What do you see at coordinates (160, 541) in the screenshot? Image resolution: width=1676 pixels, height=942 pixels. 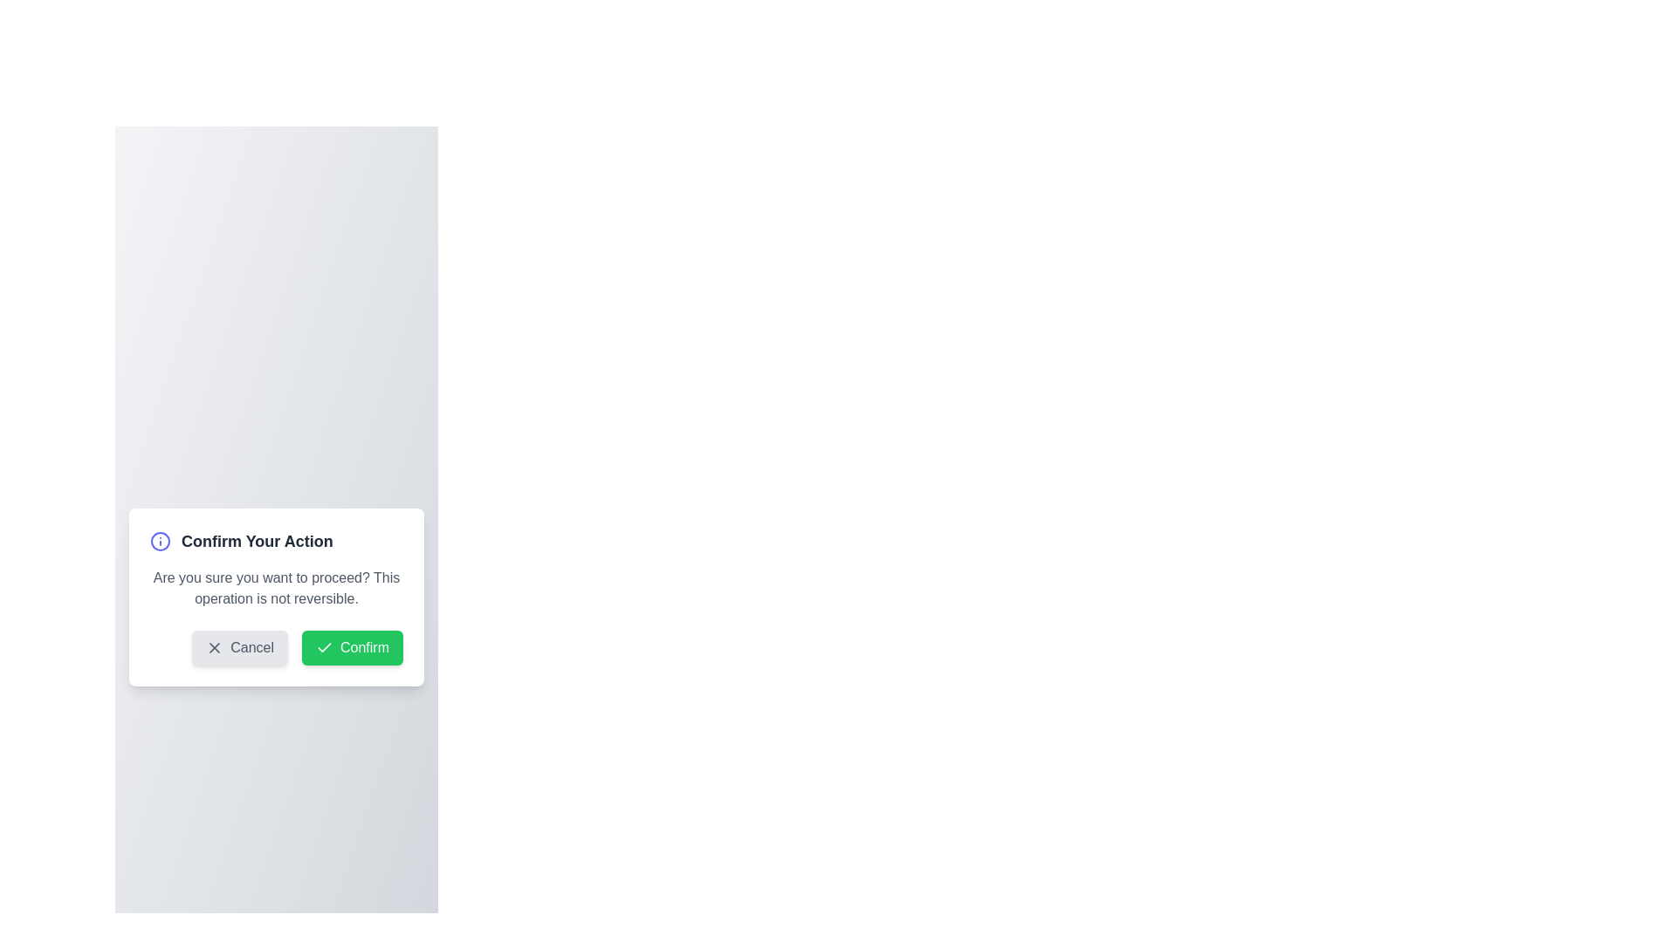 I see `the circular informational icon located at the top-left corner of the confirmation dialog box, which features a white stroke and a transparent fill with an exclamation mark inside` at bounding box center [160, 541].